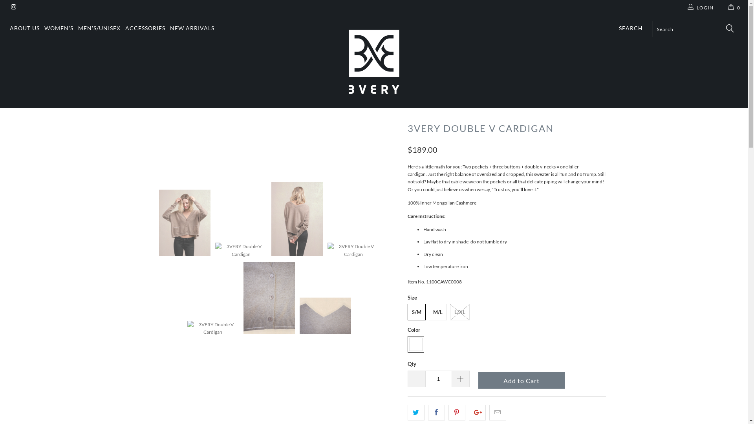 This screenshot has height=424, width=754. What do you see at coordinates (13, 7) in the screenshot?
I see `'3VERY on Instagram'` at bounding box center [13, 7].